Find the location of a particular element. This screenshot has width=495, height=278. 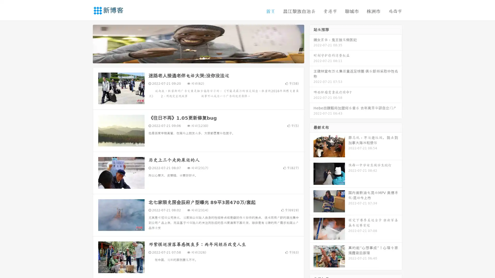

Next slide is located at coordinates (311, 43).